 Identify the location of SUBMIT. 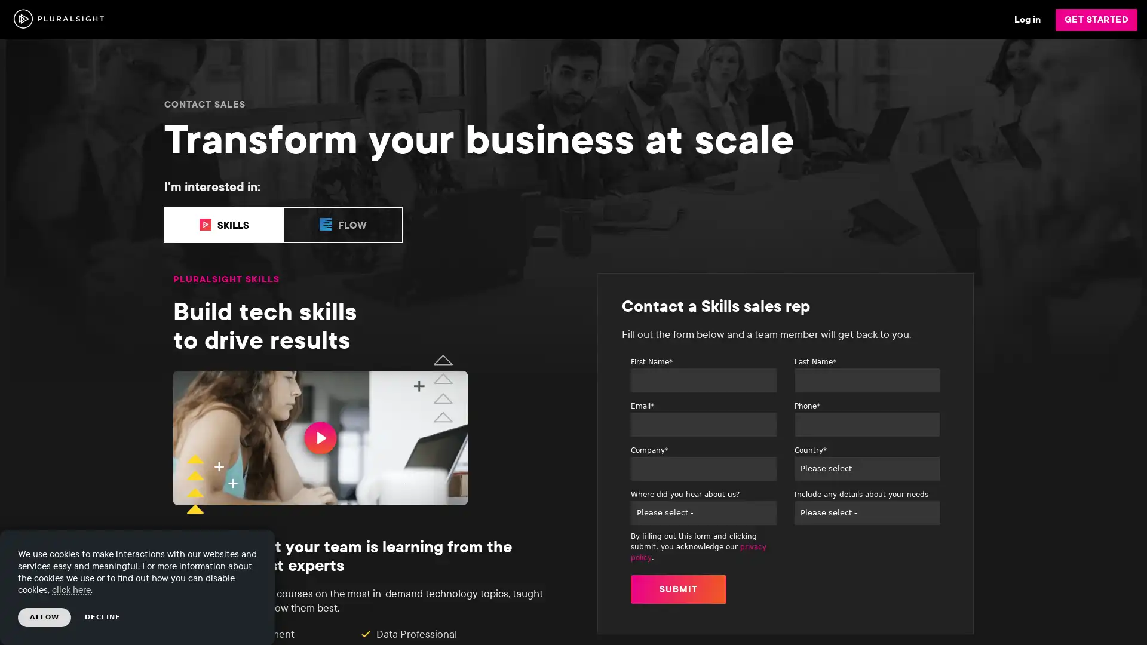
(679, 588).